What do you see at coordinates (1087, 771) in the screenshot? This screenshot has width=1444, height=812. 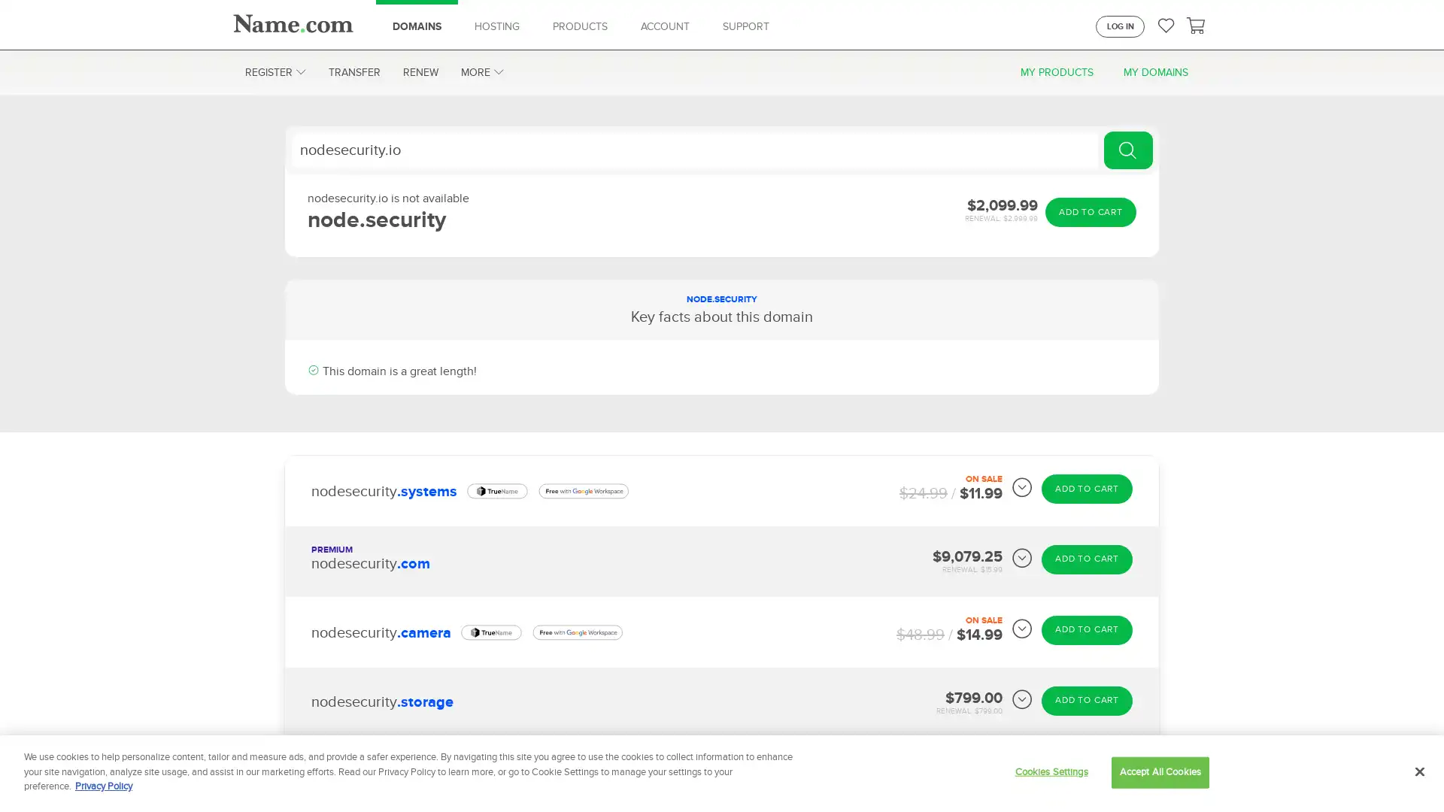 I see `ADD TO CART` at bounding box center [1087, 771].